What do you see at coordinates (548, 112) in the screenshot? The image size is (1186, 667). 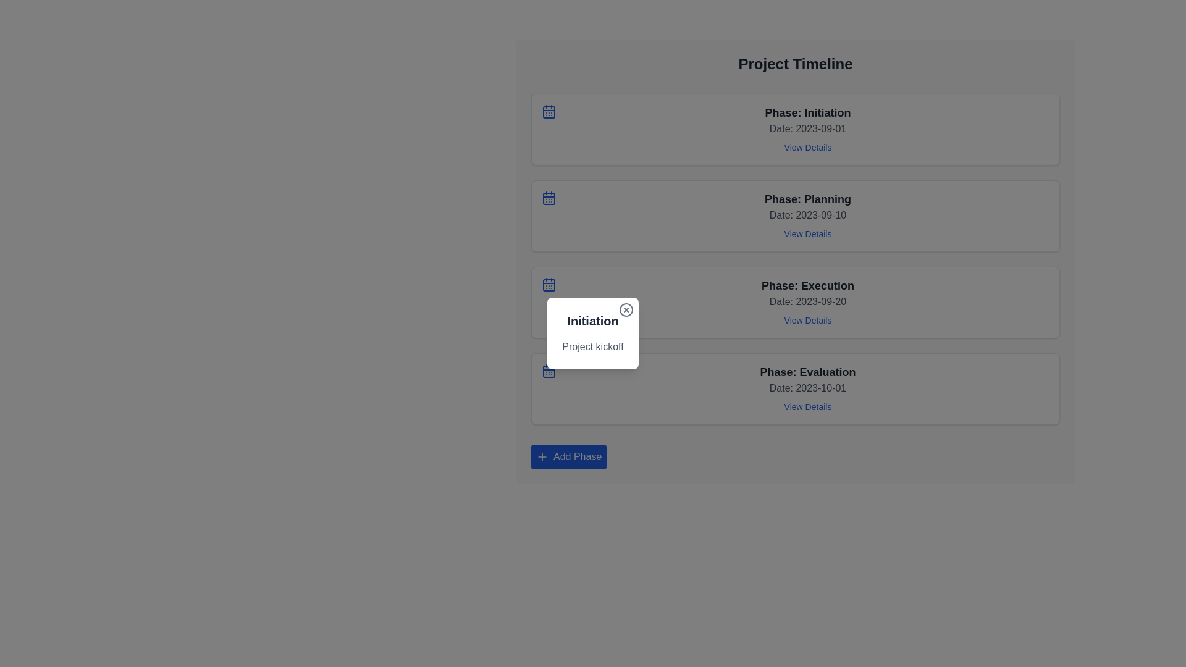 I see `the blue and red rounded rectangle icon segment representing a date or event in the top-left area of the 'Phase: Initiation' entry in the project timeline interface` at bounding box center [548, 112].